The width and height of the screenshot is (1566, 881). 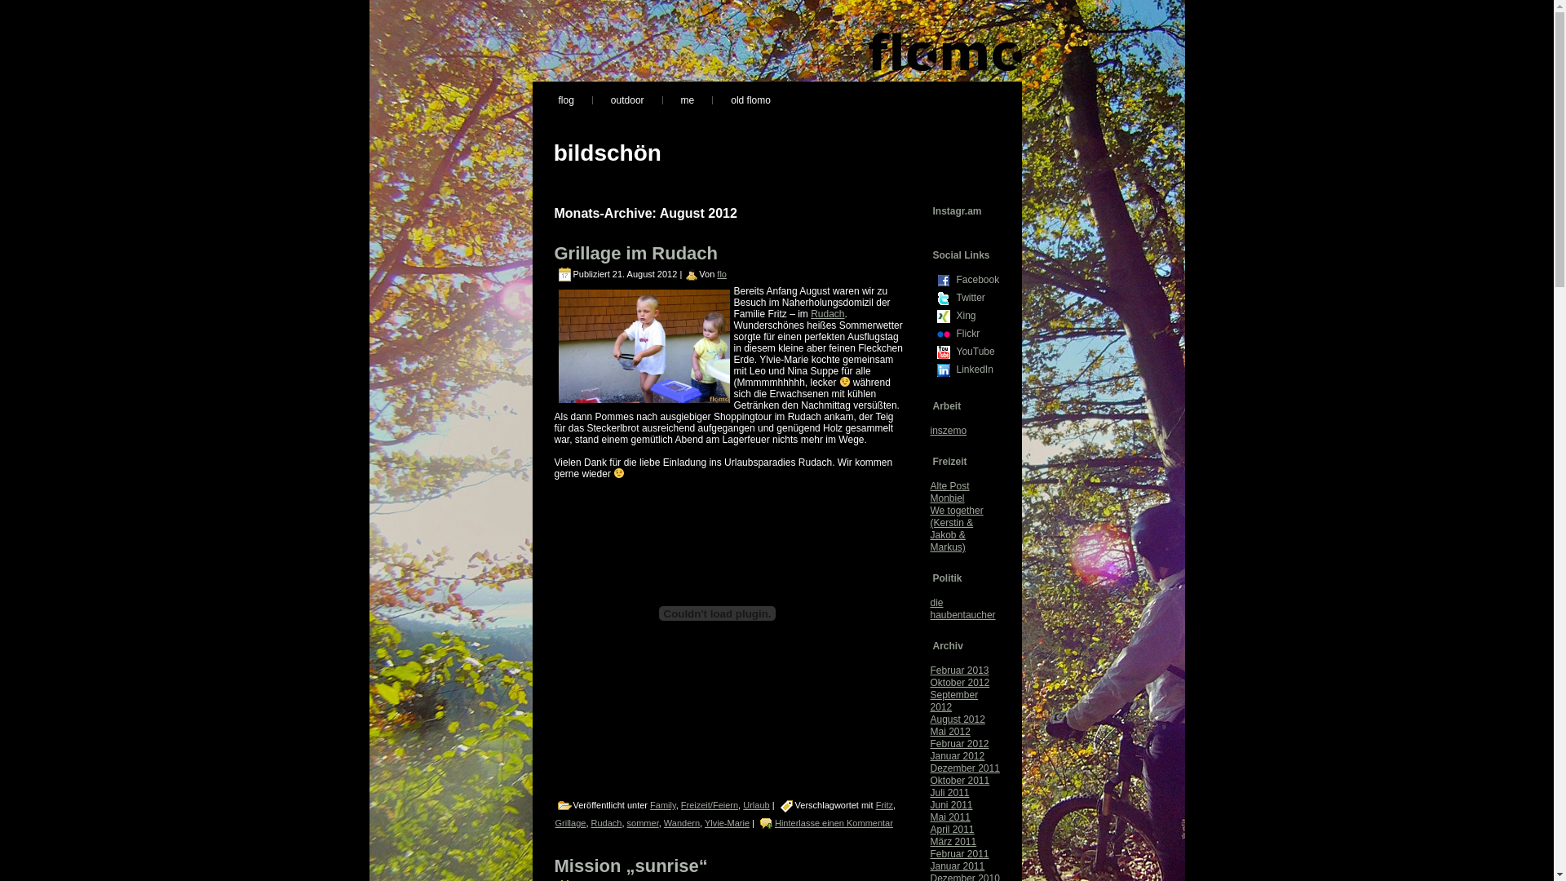 What do you see at coordinates (964, 768) in the screenshot?
I see `'Dezember 2011'` at bounding box center [964, 768].